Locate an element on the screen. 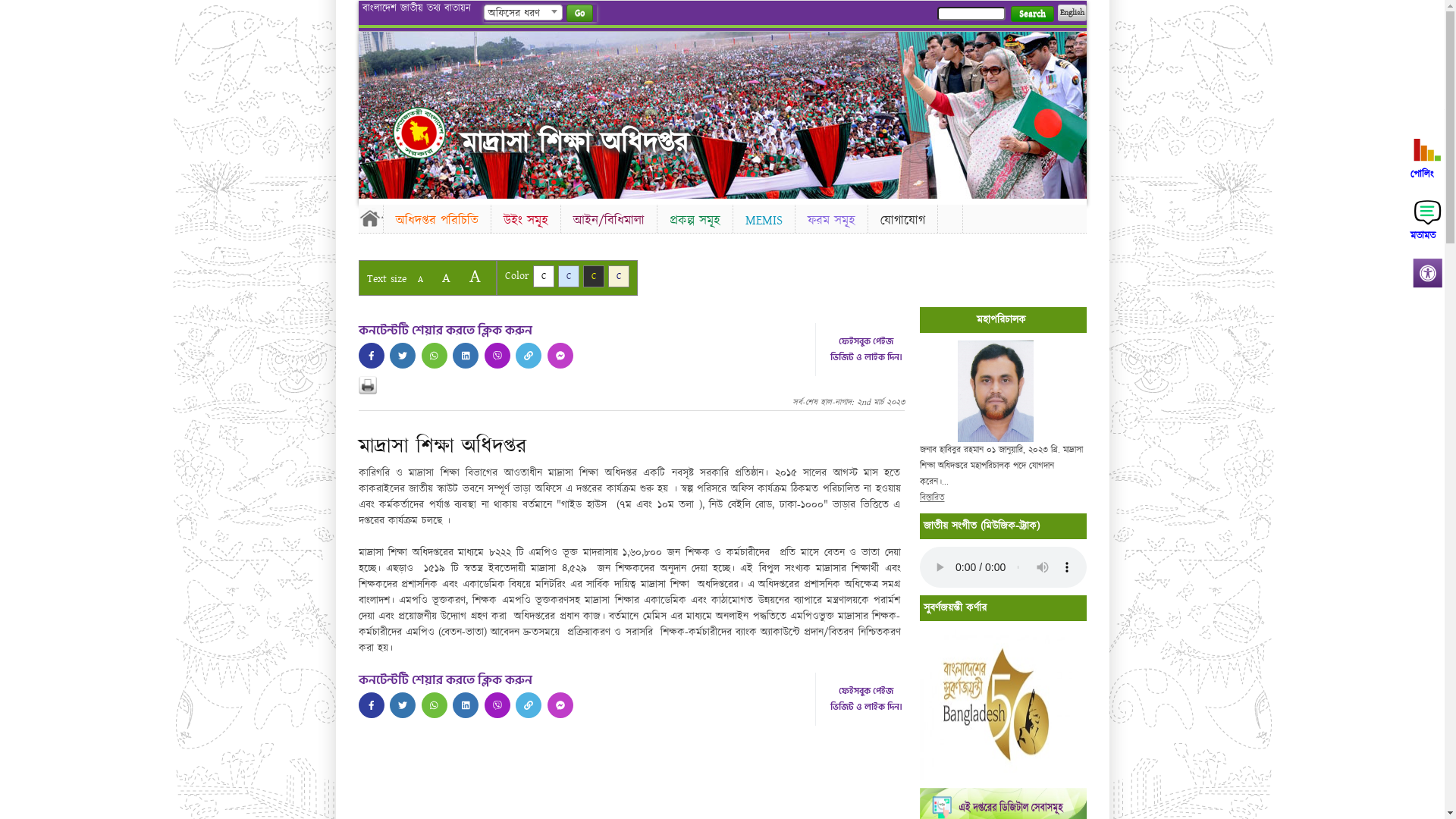  ' is located at coordinates (465, 704).